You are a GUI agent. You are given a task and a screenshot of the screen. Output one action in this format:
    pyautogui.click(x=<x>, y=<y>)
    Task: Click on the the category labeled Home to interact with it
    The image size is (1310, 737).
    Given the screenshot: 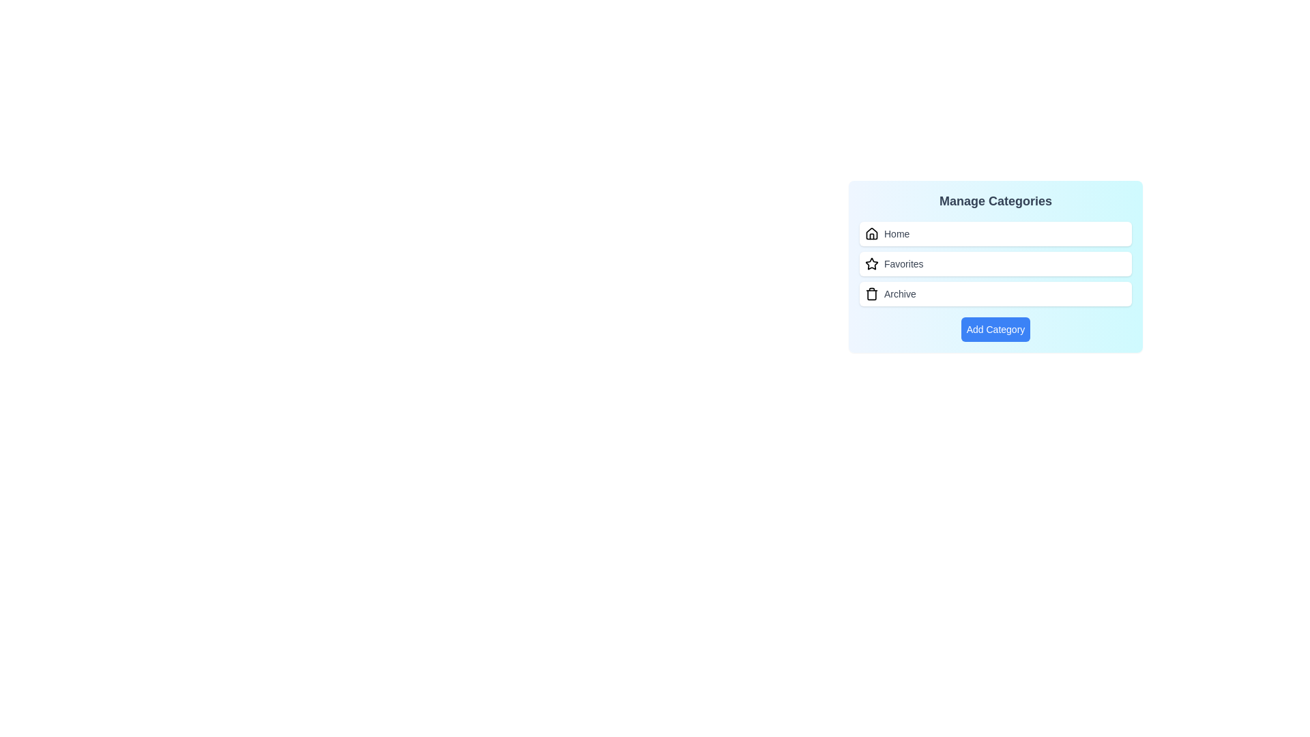 What is the action you would take?
    pyautogui.click(x=995, y=233)
    